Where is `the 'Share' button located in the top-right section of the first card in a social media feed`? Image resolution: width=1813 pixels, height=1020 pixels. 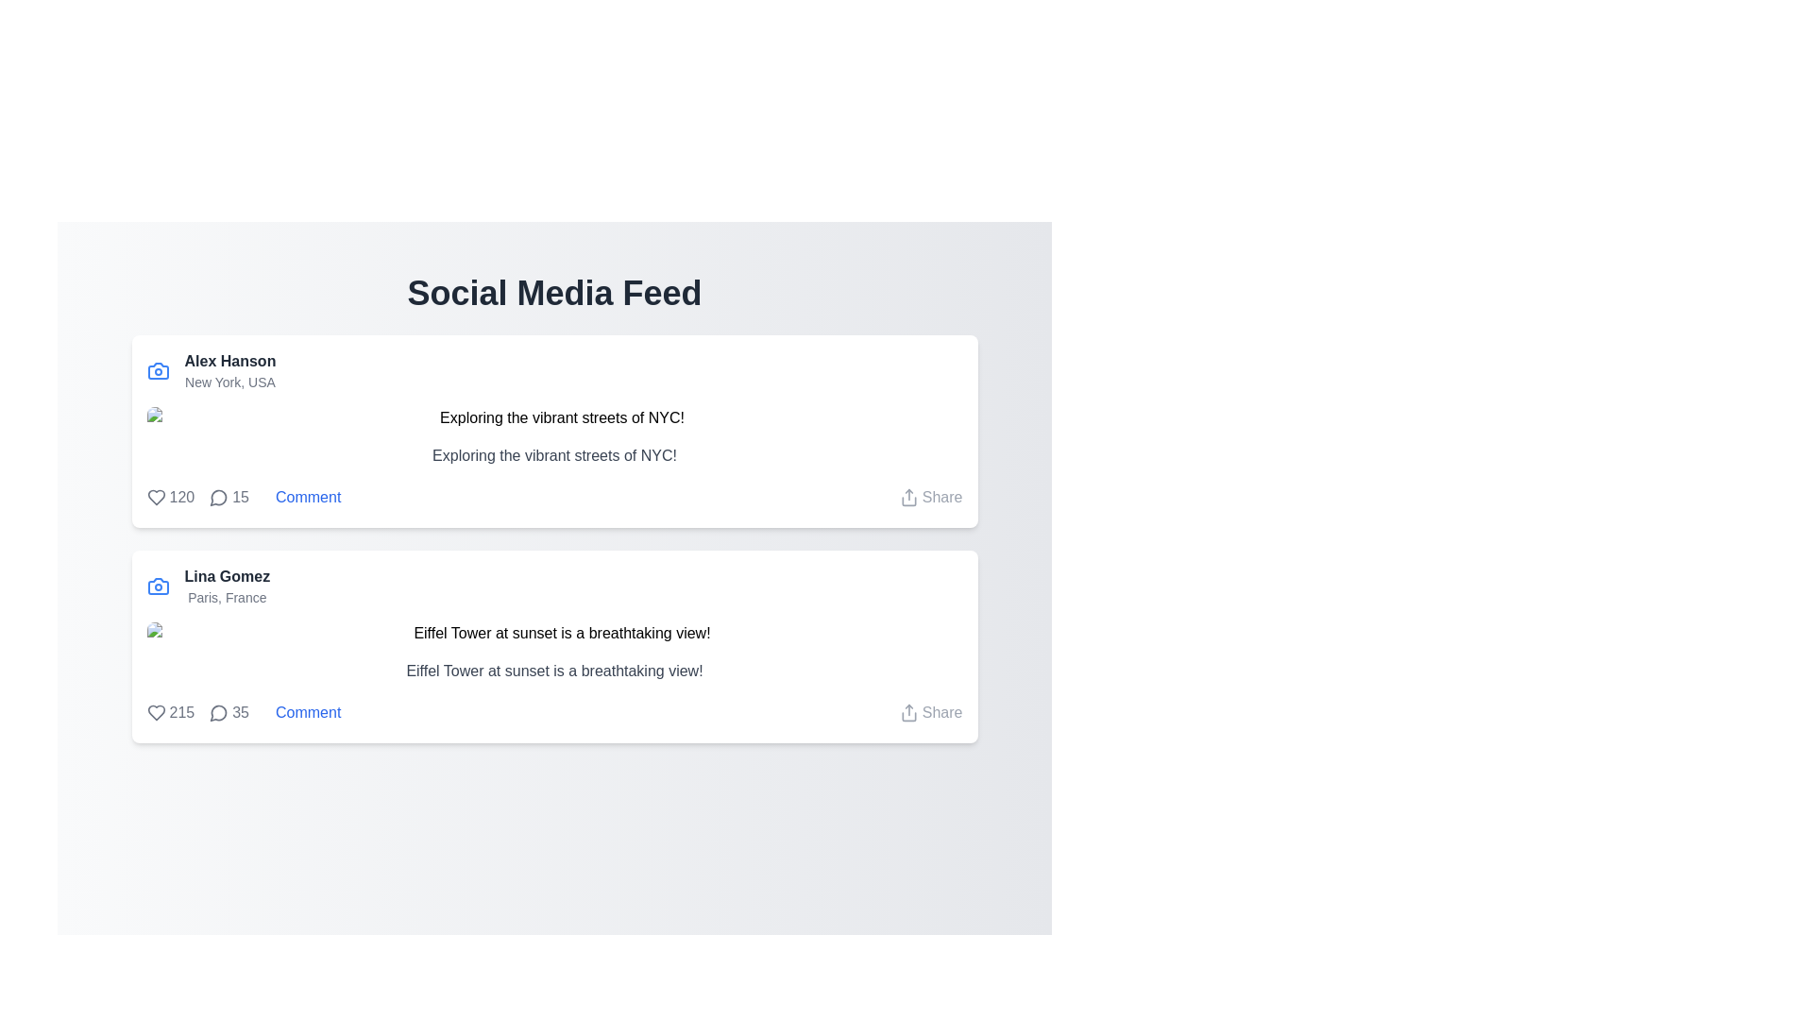 the 'Share' button located in the top-right section of the first card in a social media feed is located at coordinates (931, 497).